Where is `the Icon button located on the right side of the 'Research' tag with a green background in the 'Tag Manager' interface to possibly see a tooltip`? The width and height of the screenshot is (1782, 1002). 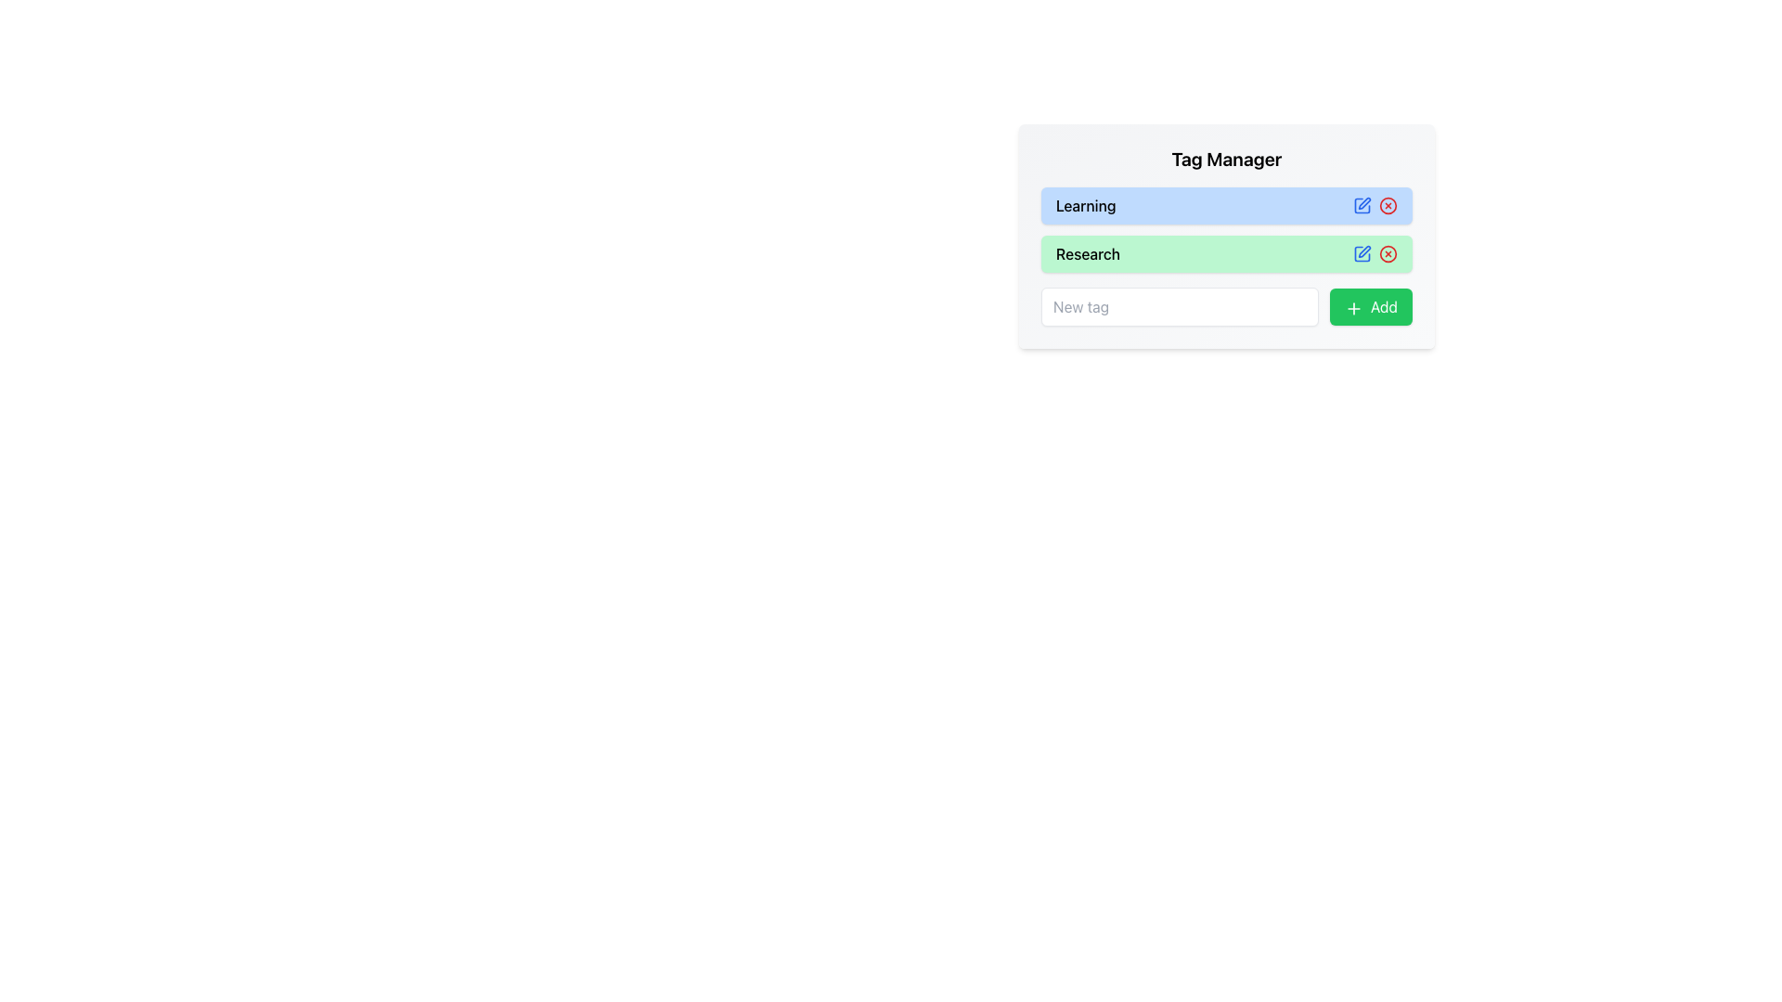
the Icon button located on the right side of the 'Research' tag with a green background in the 'Tag Manager' interface to possibly see a tooltip is located at coordinates (1362, 253).